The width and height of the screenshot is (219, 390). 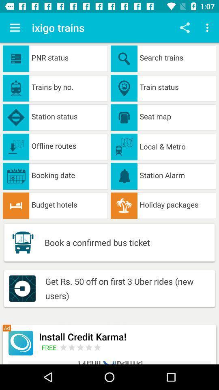 I want to click on goes to advertiser 's website, so click(x=80, y=347).